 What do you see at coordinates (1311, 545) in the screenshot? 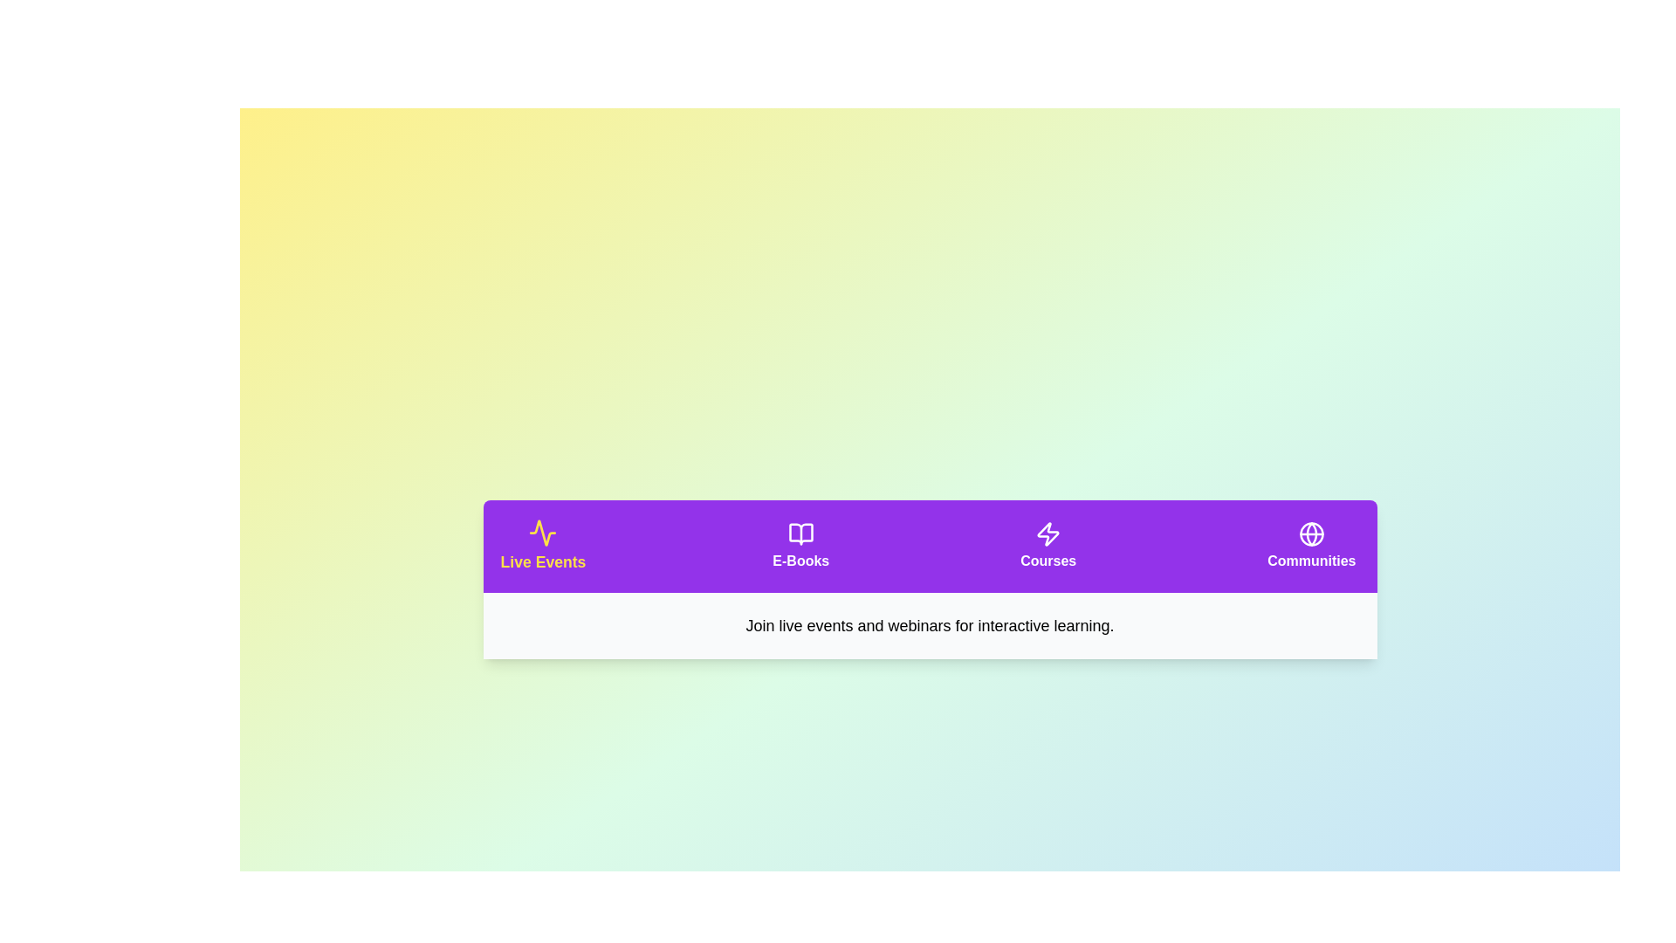
I see `the tab corresponding to Communities to activate it` at bounding box center [1311, 545].